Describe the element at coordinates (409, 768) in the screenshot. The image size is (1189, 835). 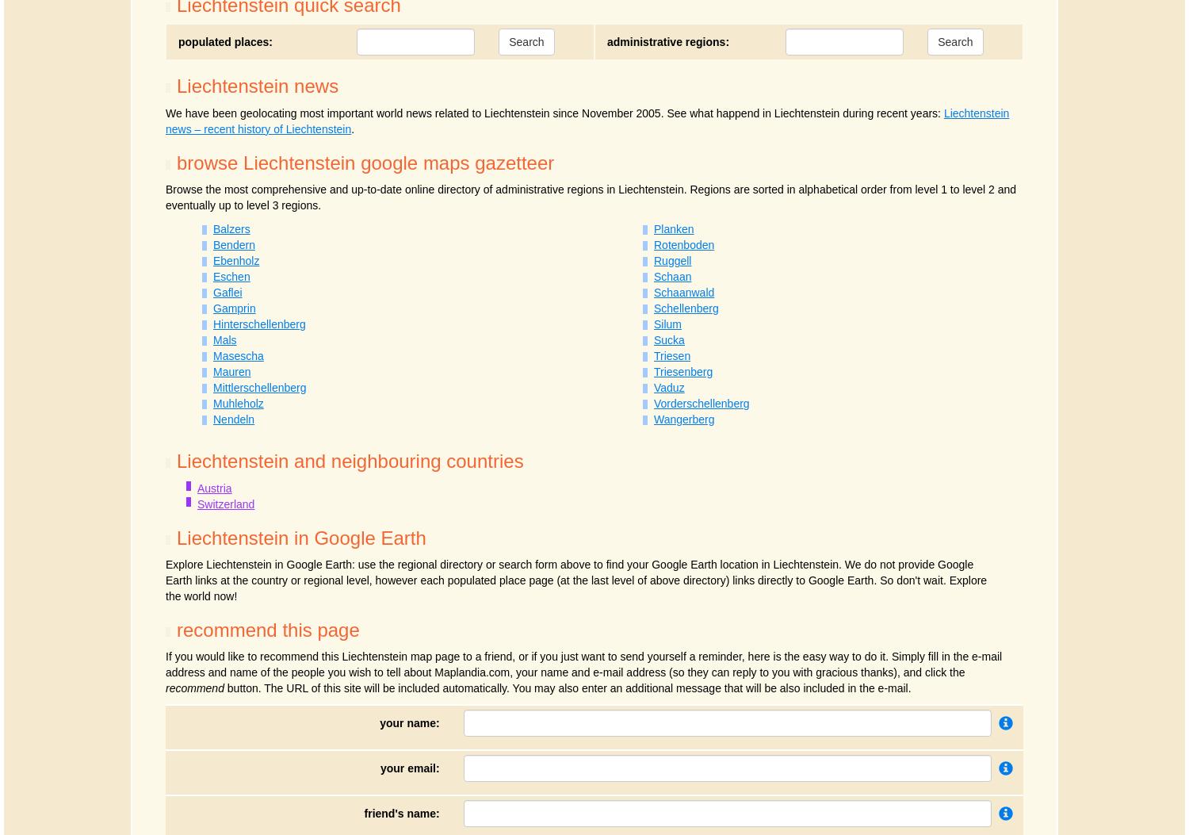
I see `'your email:'` at that location.